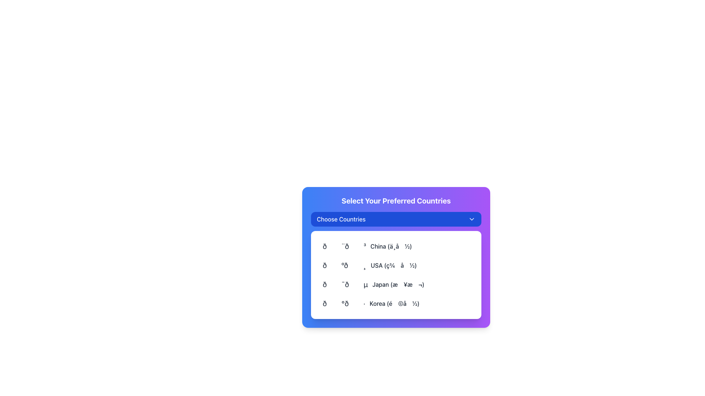  What do you see at coordinates (396, 304) in the screenshot?
I see `the list item for 'Korea (한국)'` at bounding box center [396, 304].